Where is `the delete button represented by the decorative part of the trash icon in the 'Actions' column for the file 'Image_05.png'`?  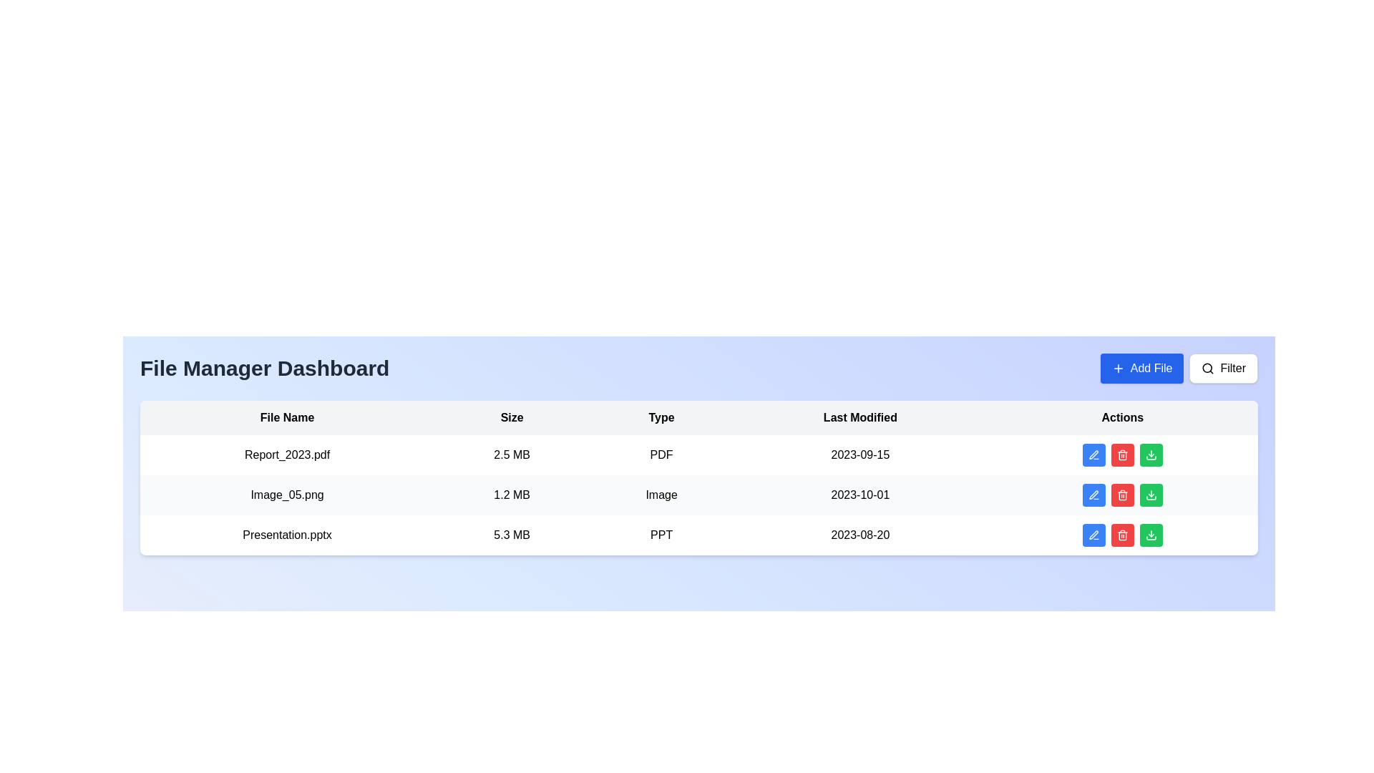 the delete button represented by the decorative part of the trash icon in the 'Actions' column for the file 'Image_05.png' is located at coordinates (1121, 495).